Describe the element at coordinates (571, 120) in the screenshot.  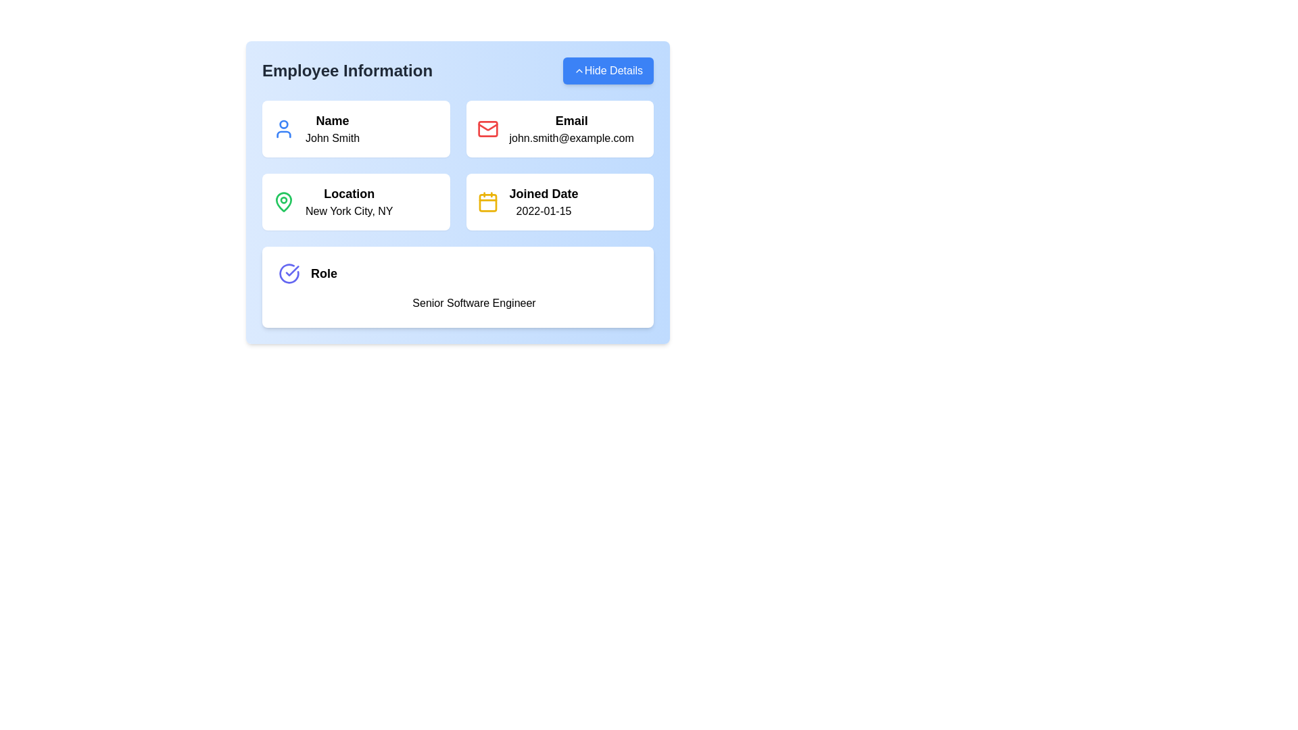
I see `the text label displaying 'Email', which is bold and slightly larger, located in the top-right section above the email address 'john.smith@example.com'` at that location.